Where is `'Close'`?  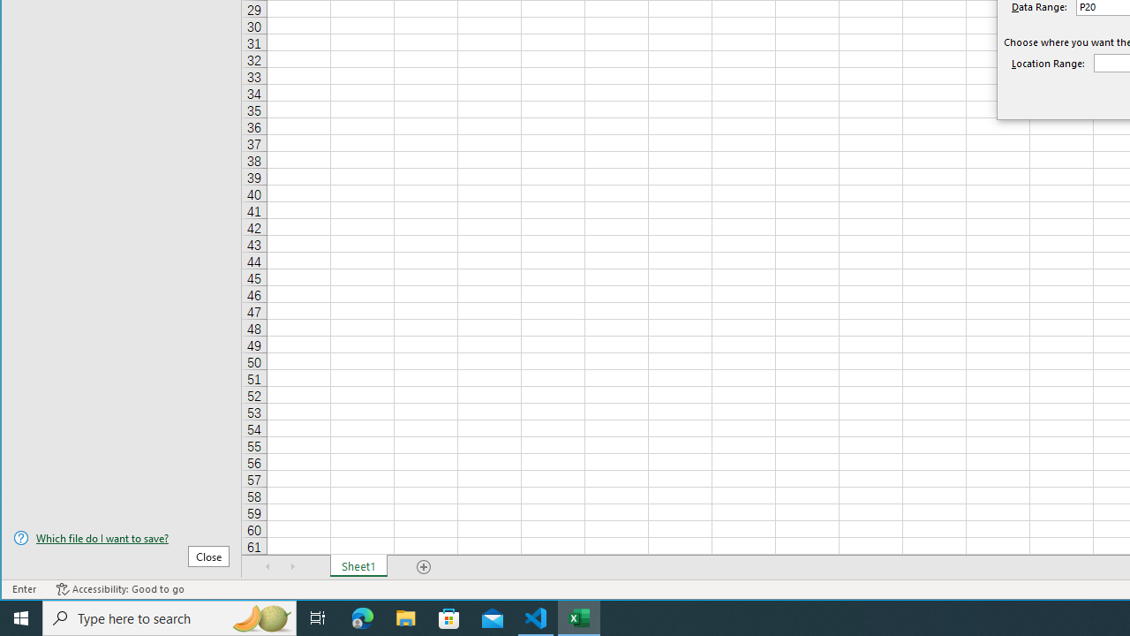
'Close' is located at coordinates (208, 556).